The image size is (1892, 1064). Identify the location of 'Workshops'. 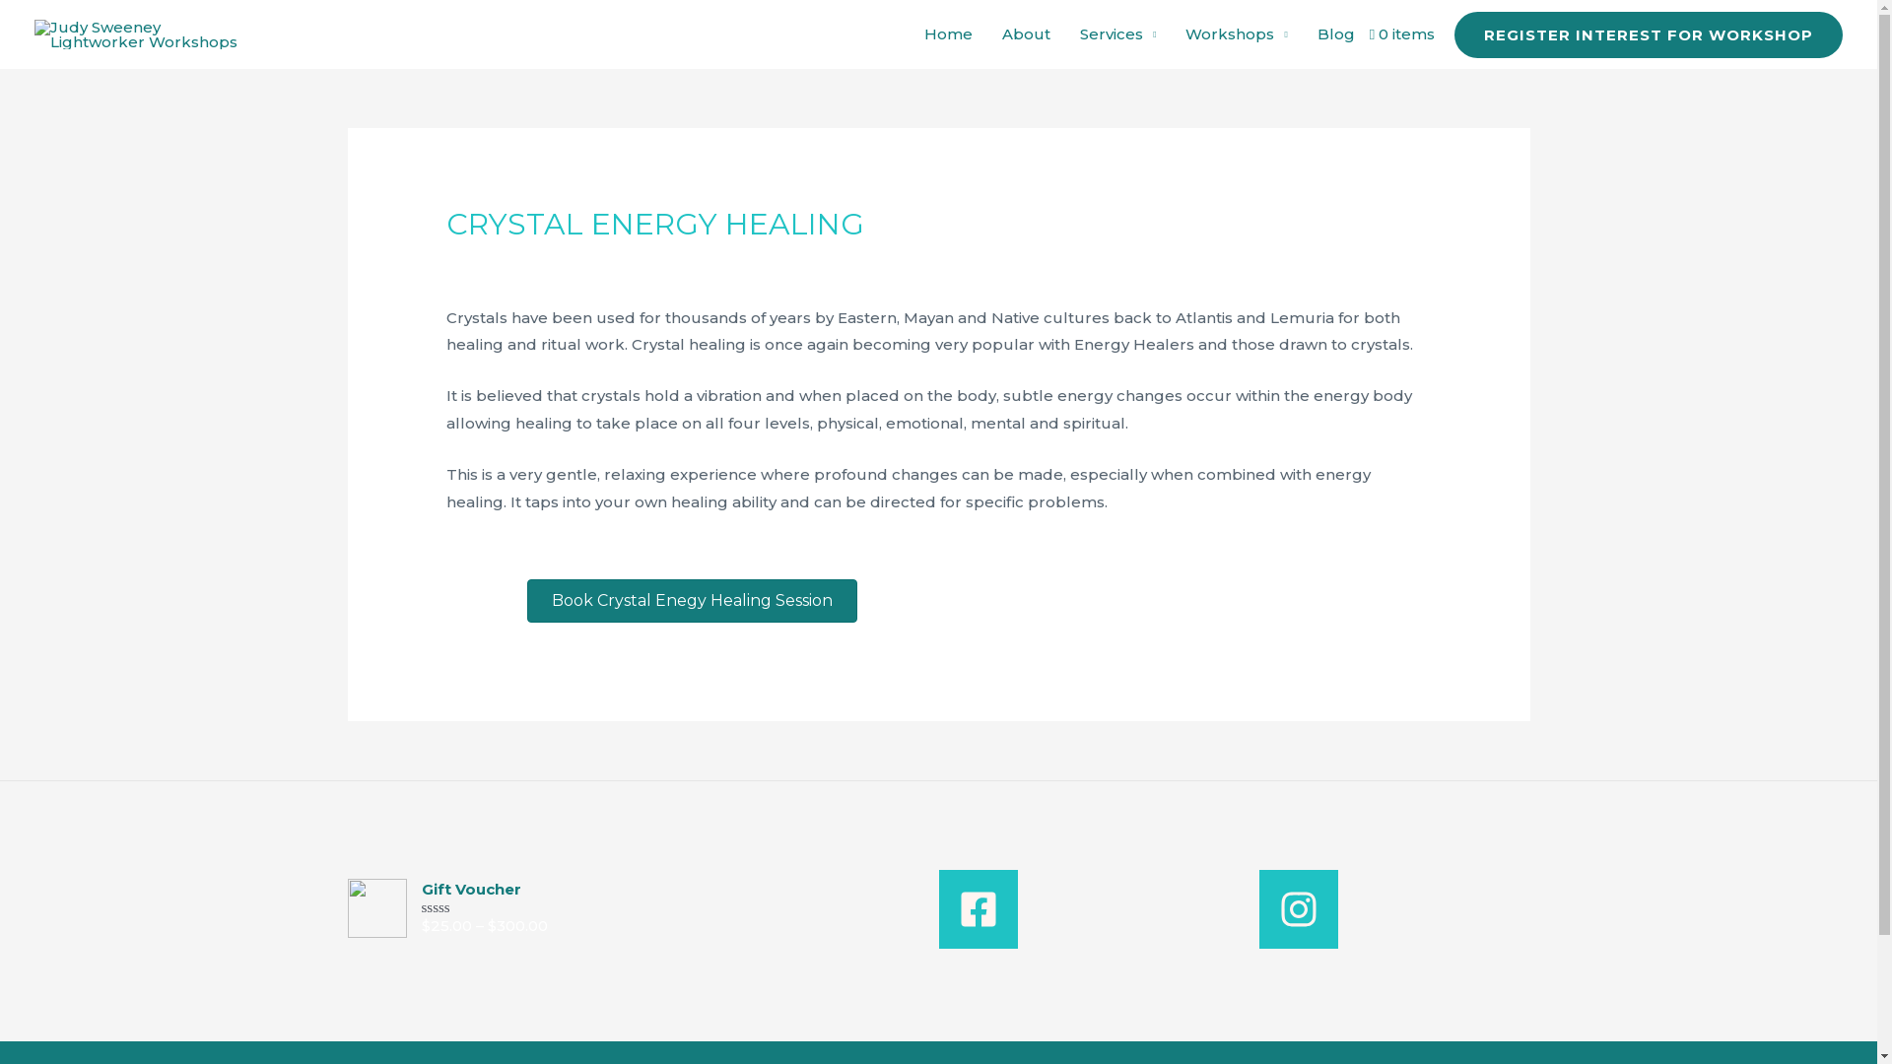
(1235, 33).